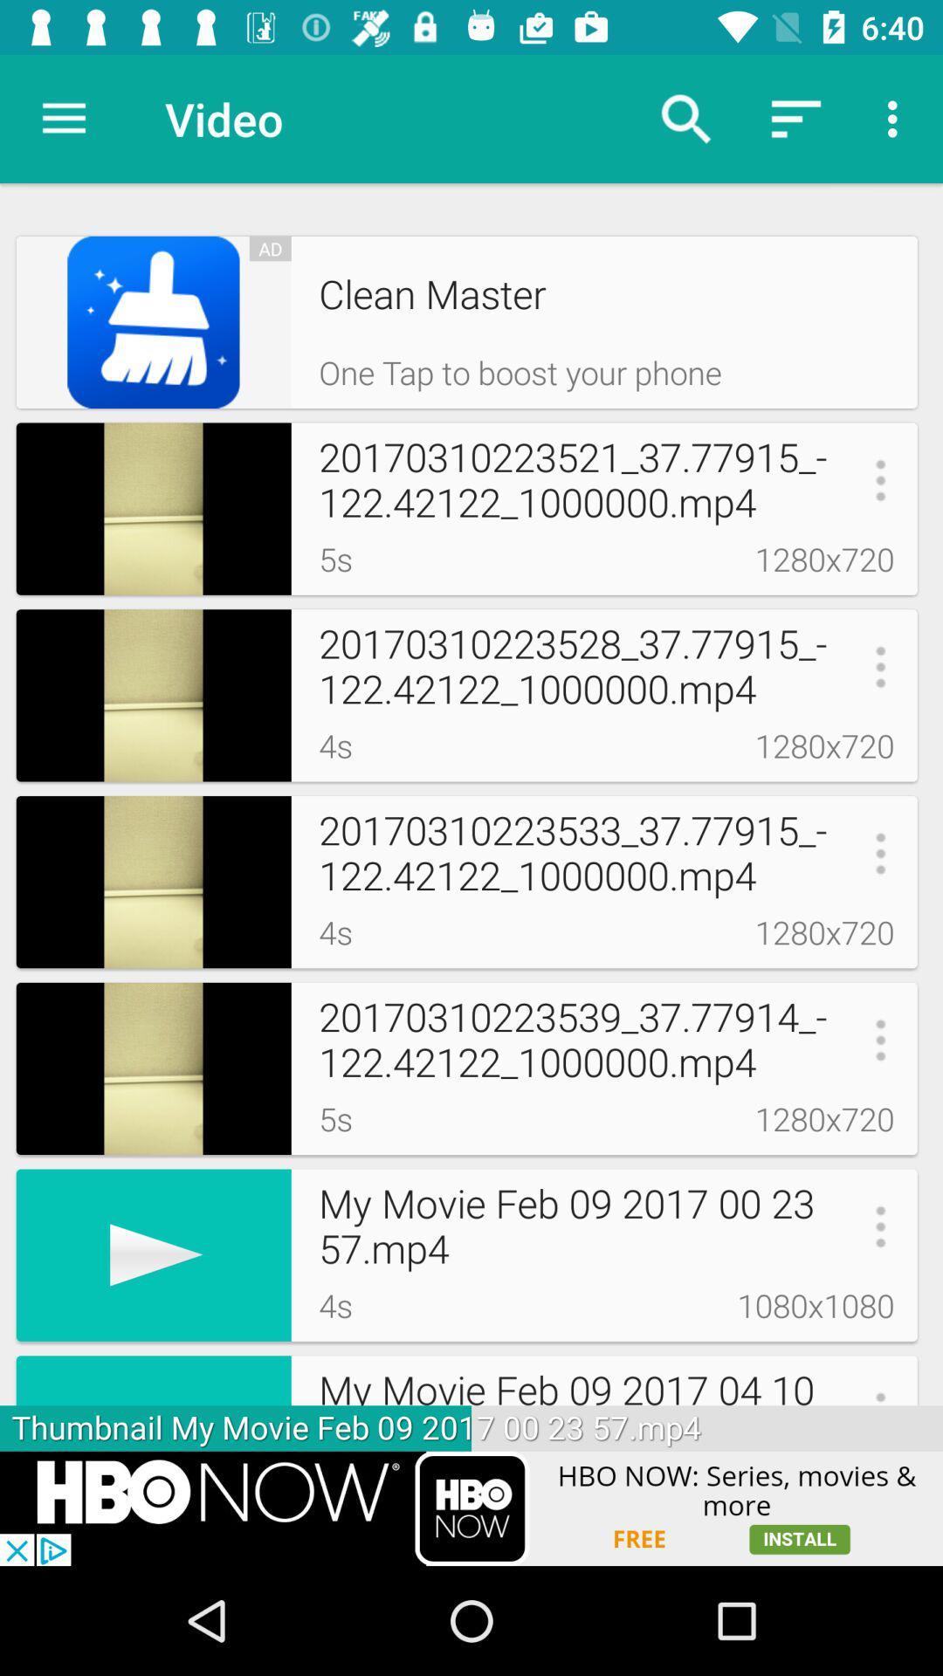 The height and width of the screenshot is (1676, 943). I want to click on open advertisement, so click(471, 1508).